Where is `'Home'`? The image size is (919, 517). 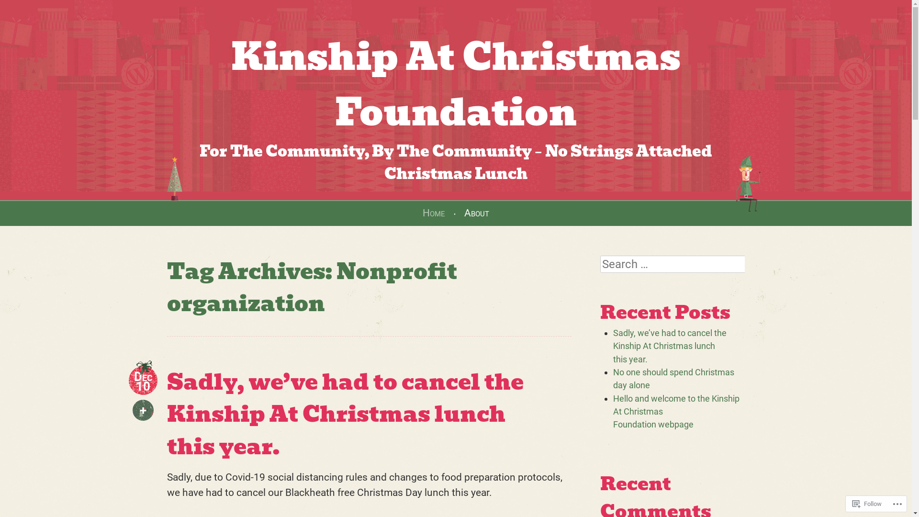 'Home' is located at coordinates (433, 212).